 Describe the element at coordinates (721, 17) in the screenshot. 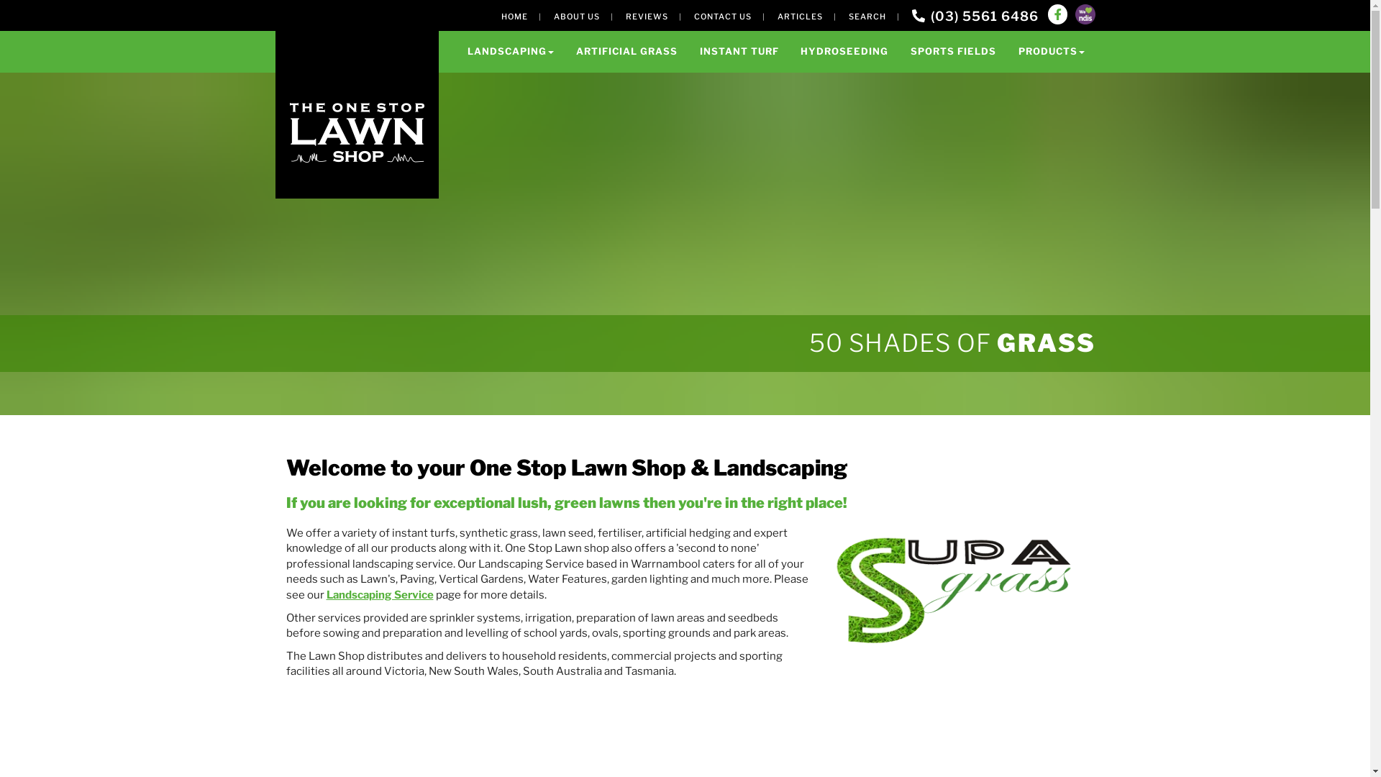

I see `'CONTACT US'` at that location.